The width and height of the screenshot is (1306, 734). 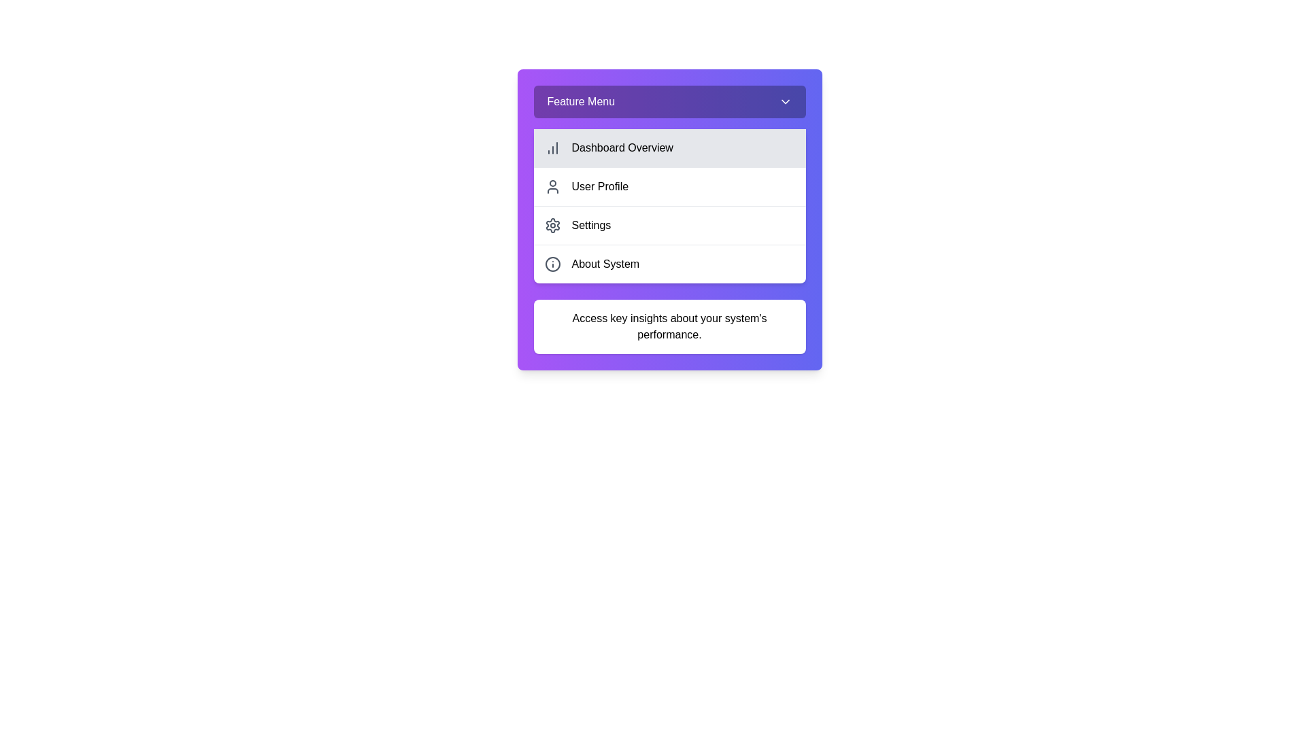 I want to click on the dropdown icon located at the far right end of the 'Feature Menu' header, so click(x=785, y=101).